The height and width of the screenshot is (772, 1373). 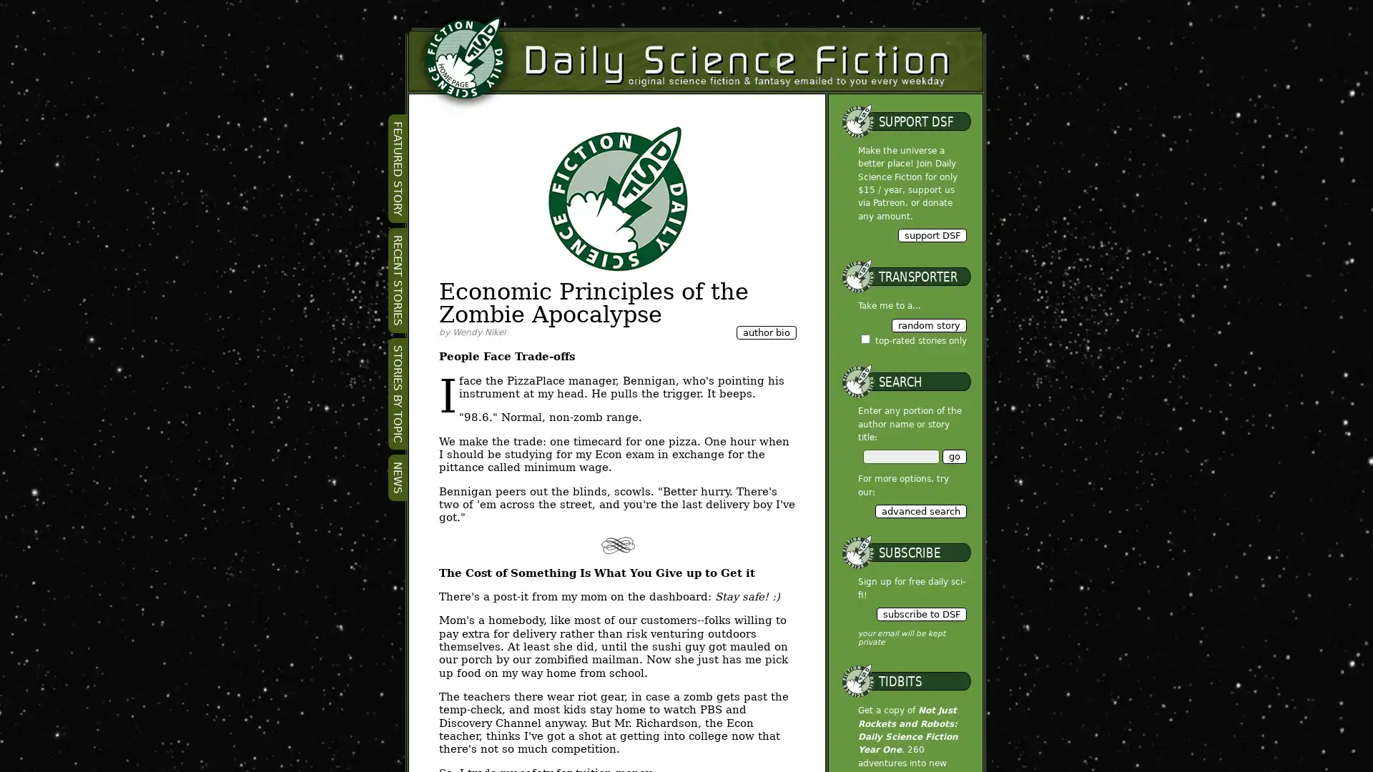 I want to click on support DSF, so click(x=931, y=234).